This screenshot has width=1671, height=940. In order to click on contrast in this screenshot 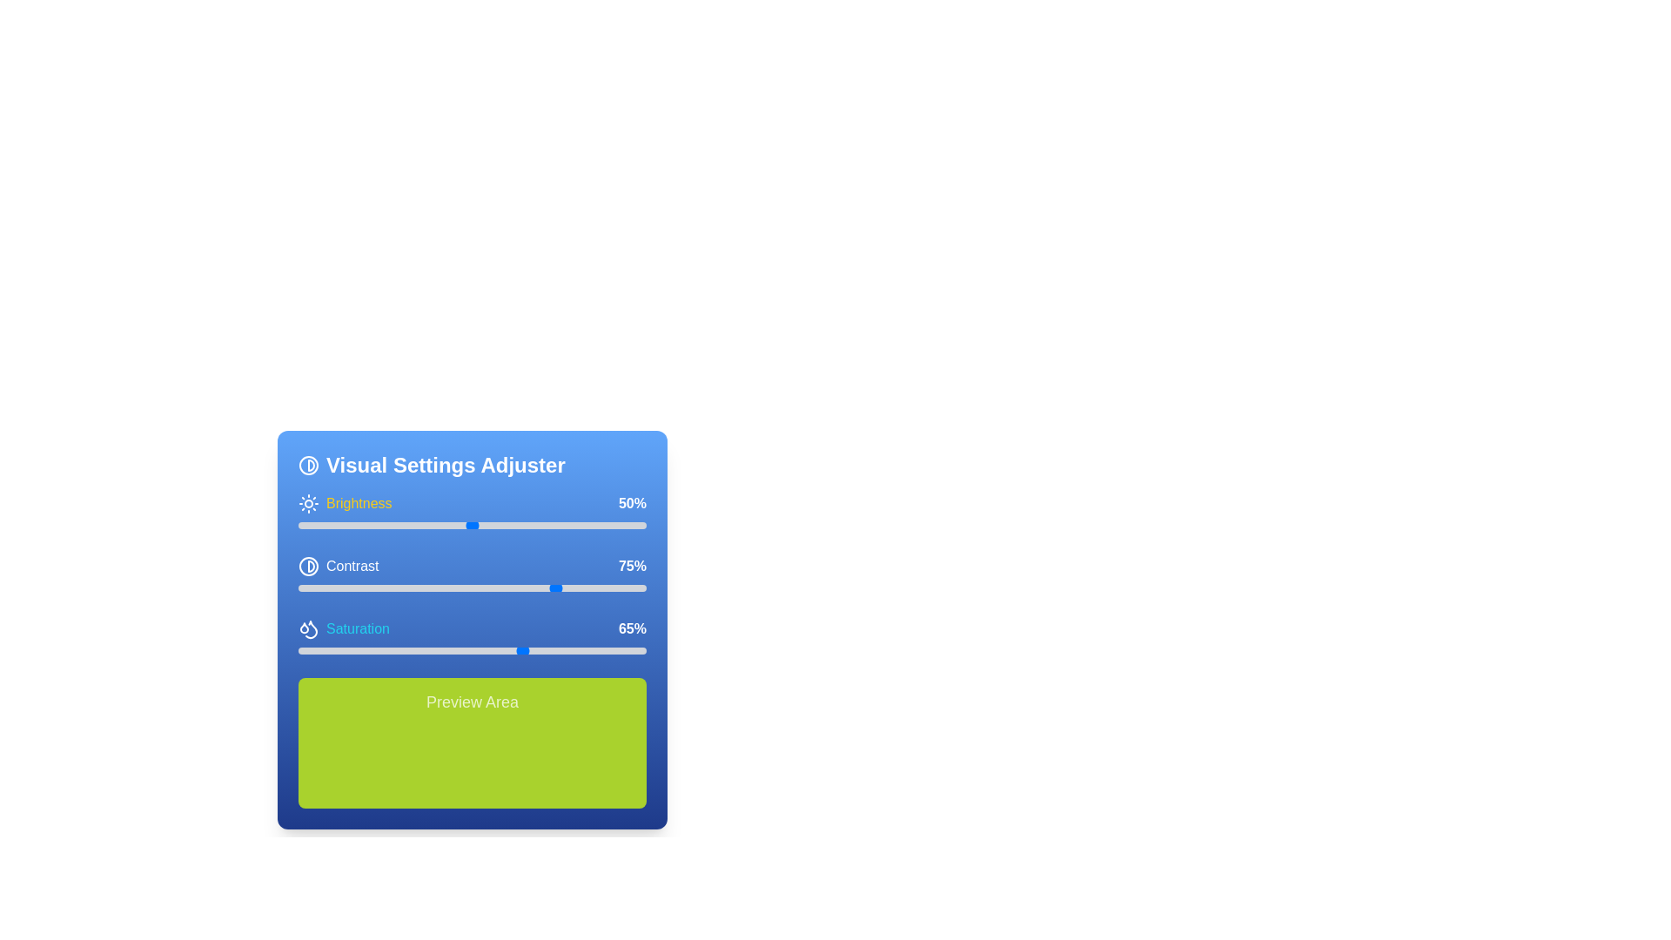, I will do `click(378, 587)`.